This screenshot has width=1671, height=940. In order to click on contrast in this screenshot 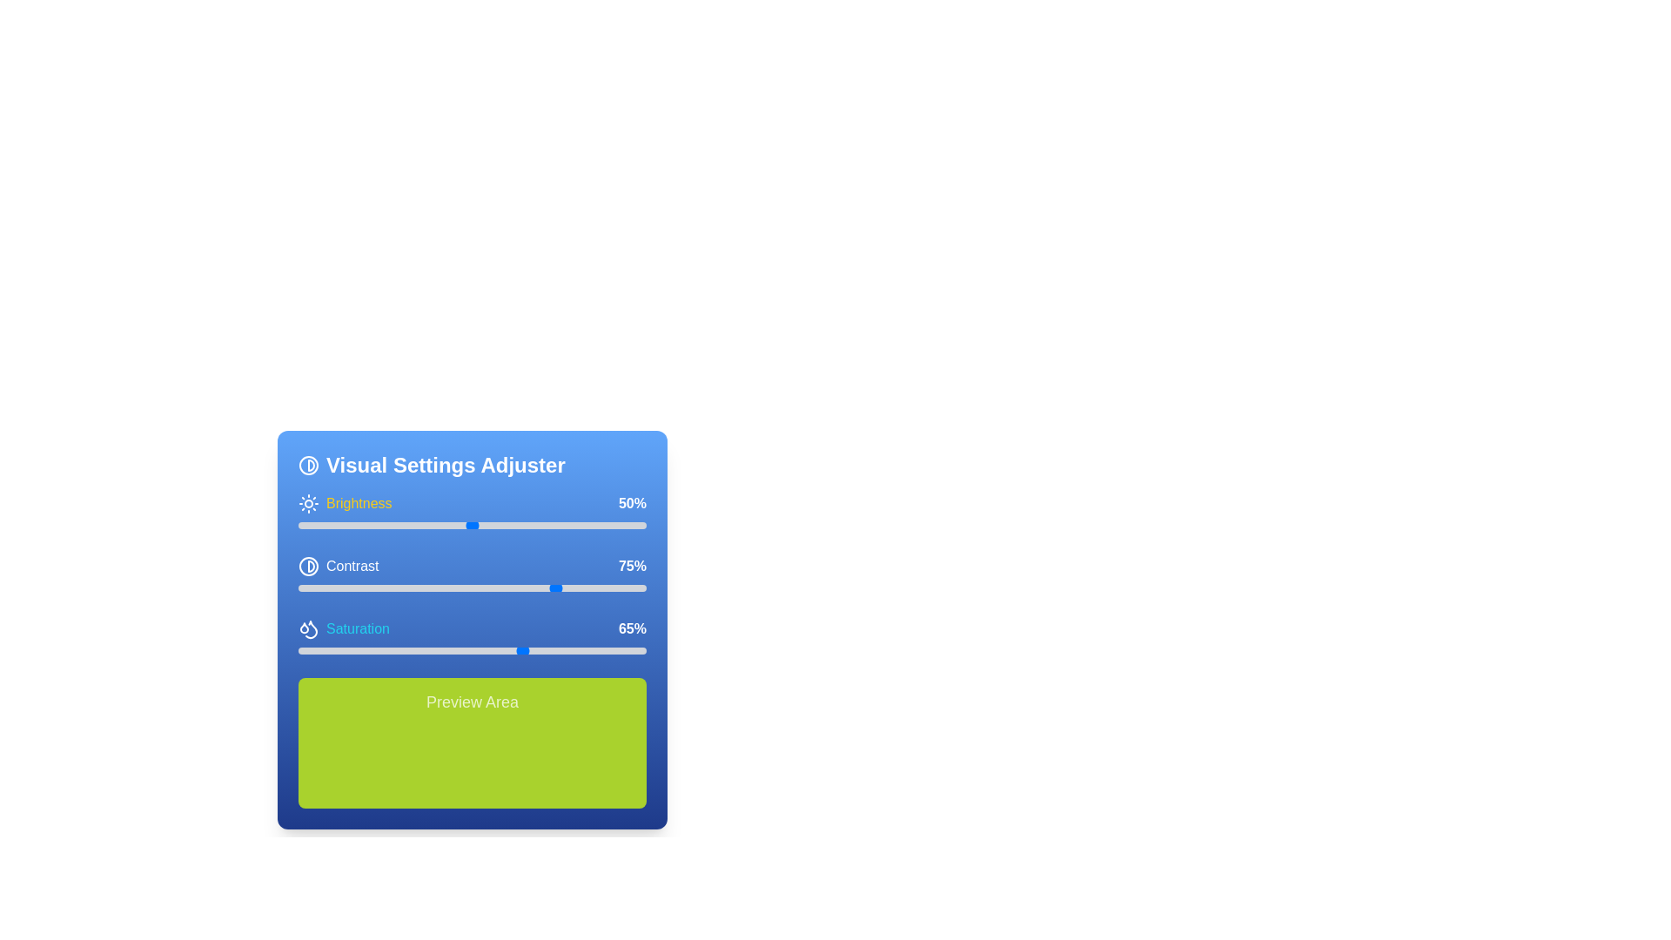, I will do `click(378, 587)`.